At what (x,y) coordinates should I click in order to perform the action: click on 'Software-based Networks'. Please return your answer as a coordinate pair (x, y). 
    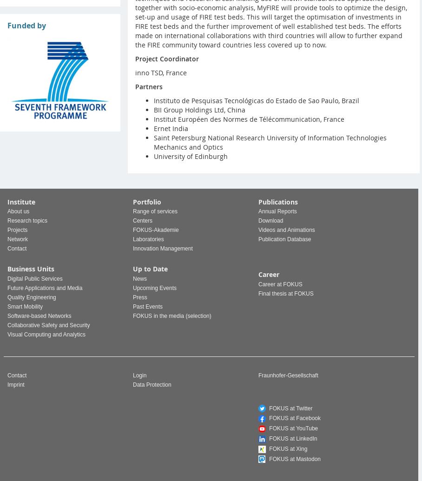
    Looking at the image, I should click on (39, 315).